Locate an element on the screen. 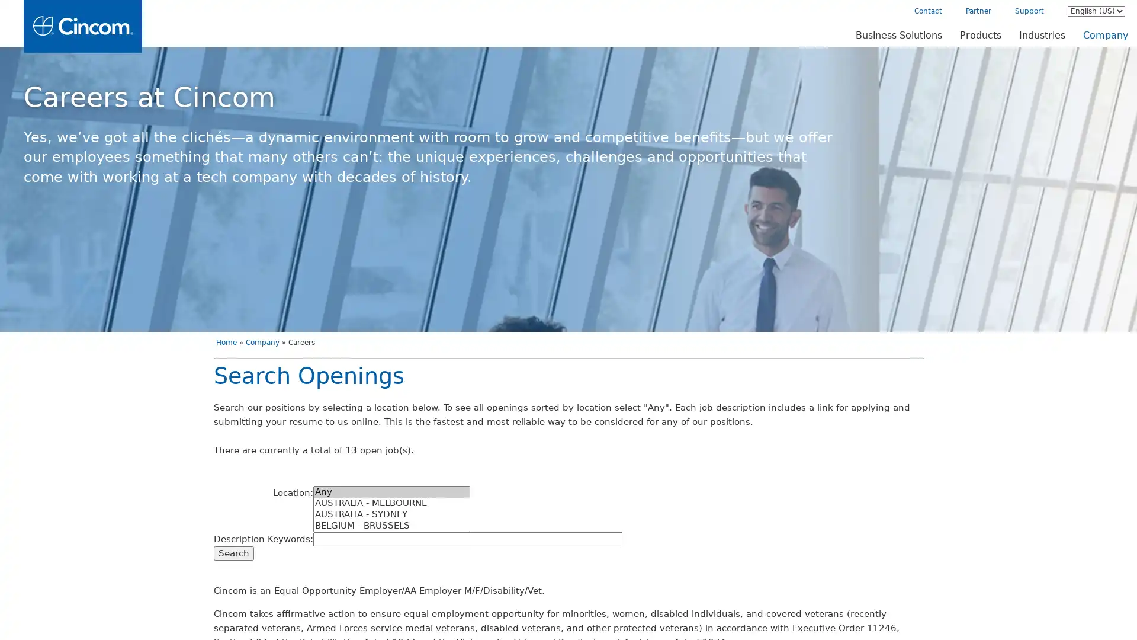 The width and height of the screenshot is (1137, 640). Search is located at coordinates (233, 553).